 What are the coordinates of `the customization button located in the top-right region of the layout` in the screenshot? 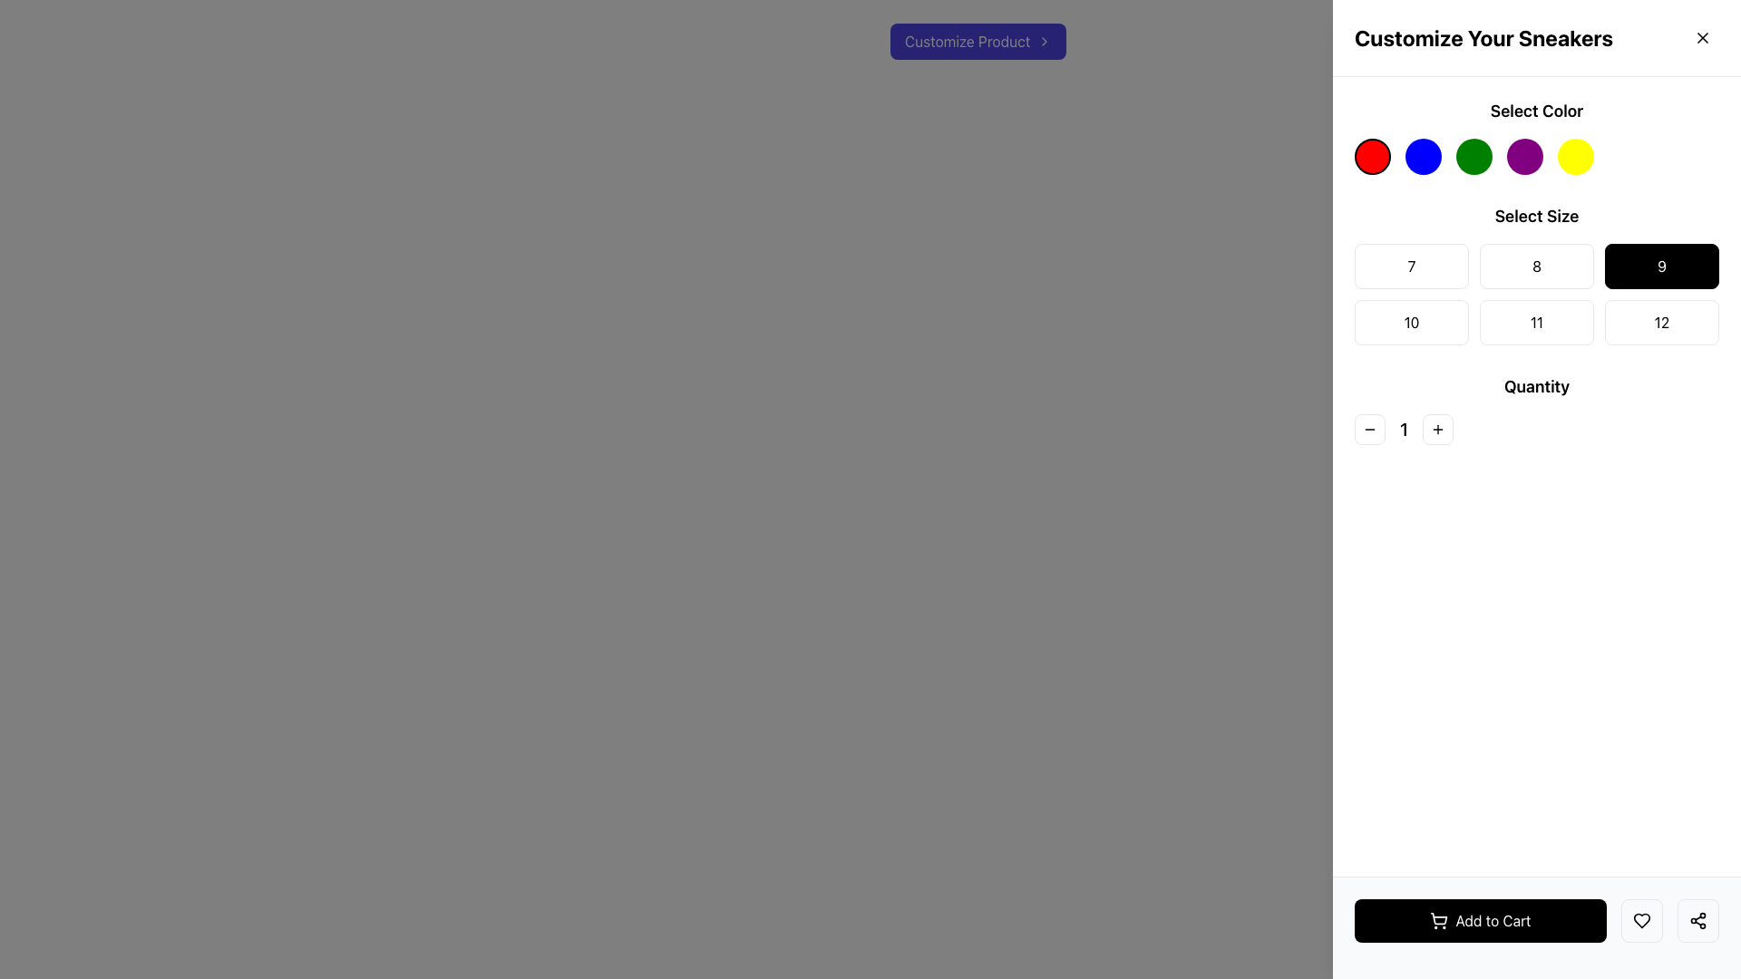 It's located at (977, 41).